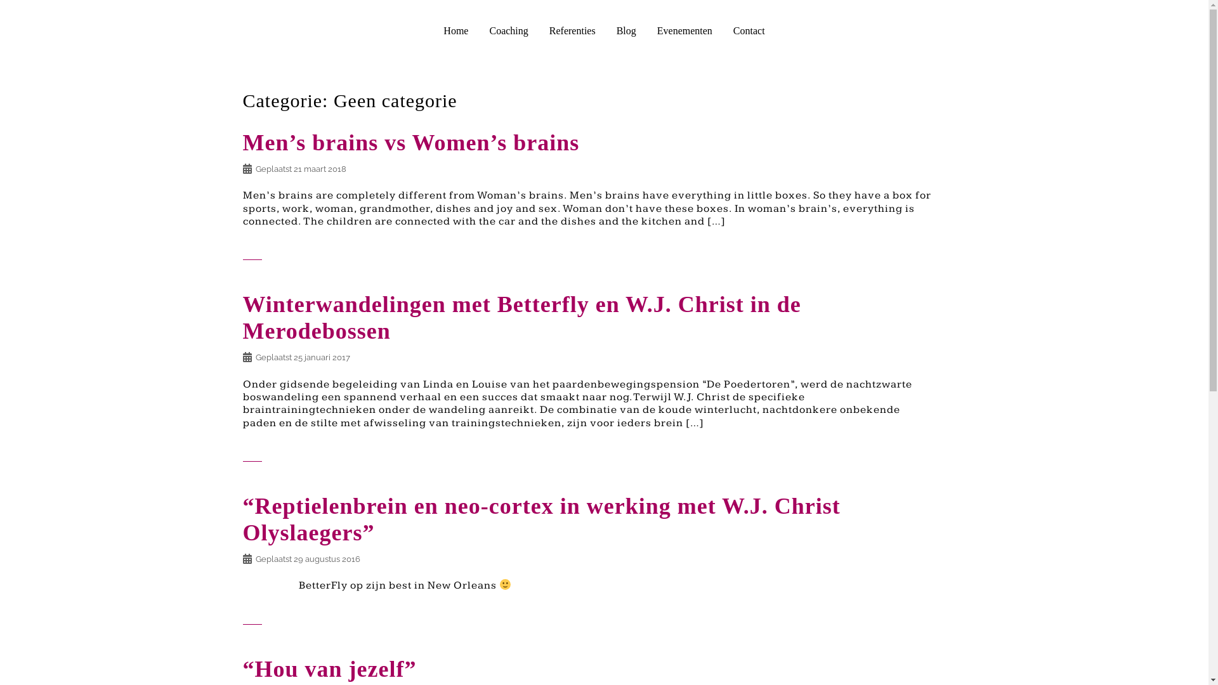 The image size is (1218, 685). What do you see at coordinates (626, 30) in the screenshot?
I see `'Blog'` at bounding box center [626, 30].